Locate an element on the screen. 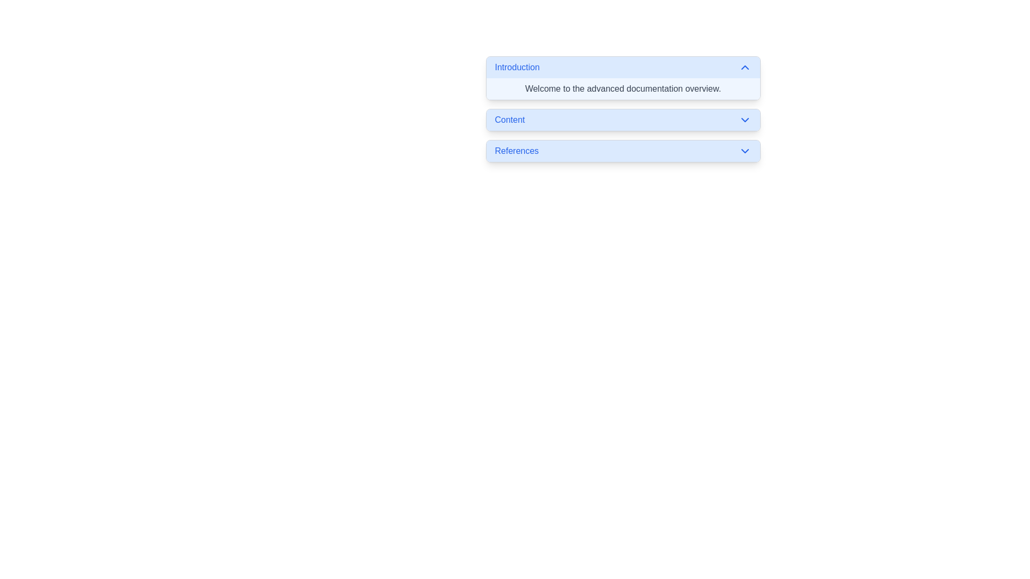 The height and width of the screenshot is (579, 1030). the blue rectangular button labeled 'Content' is located at coordinates (623, 120).